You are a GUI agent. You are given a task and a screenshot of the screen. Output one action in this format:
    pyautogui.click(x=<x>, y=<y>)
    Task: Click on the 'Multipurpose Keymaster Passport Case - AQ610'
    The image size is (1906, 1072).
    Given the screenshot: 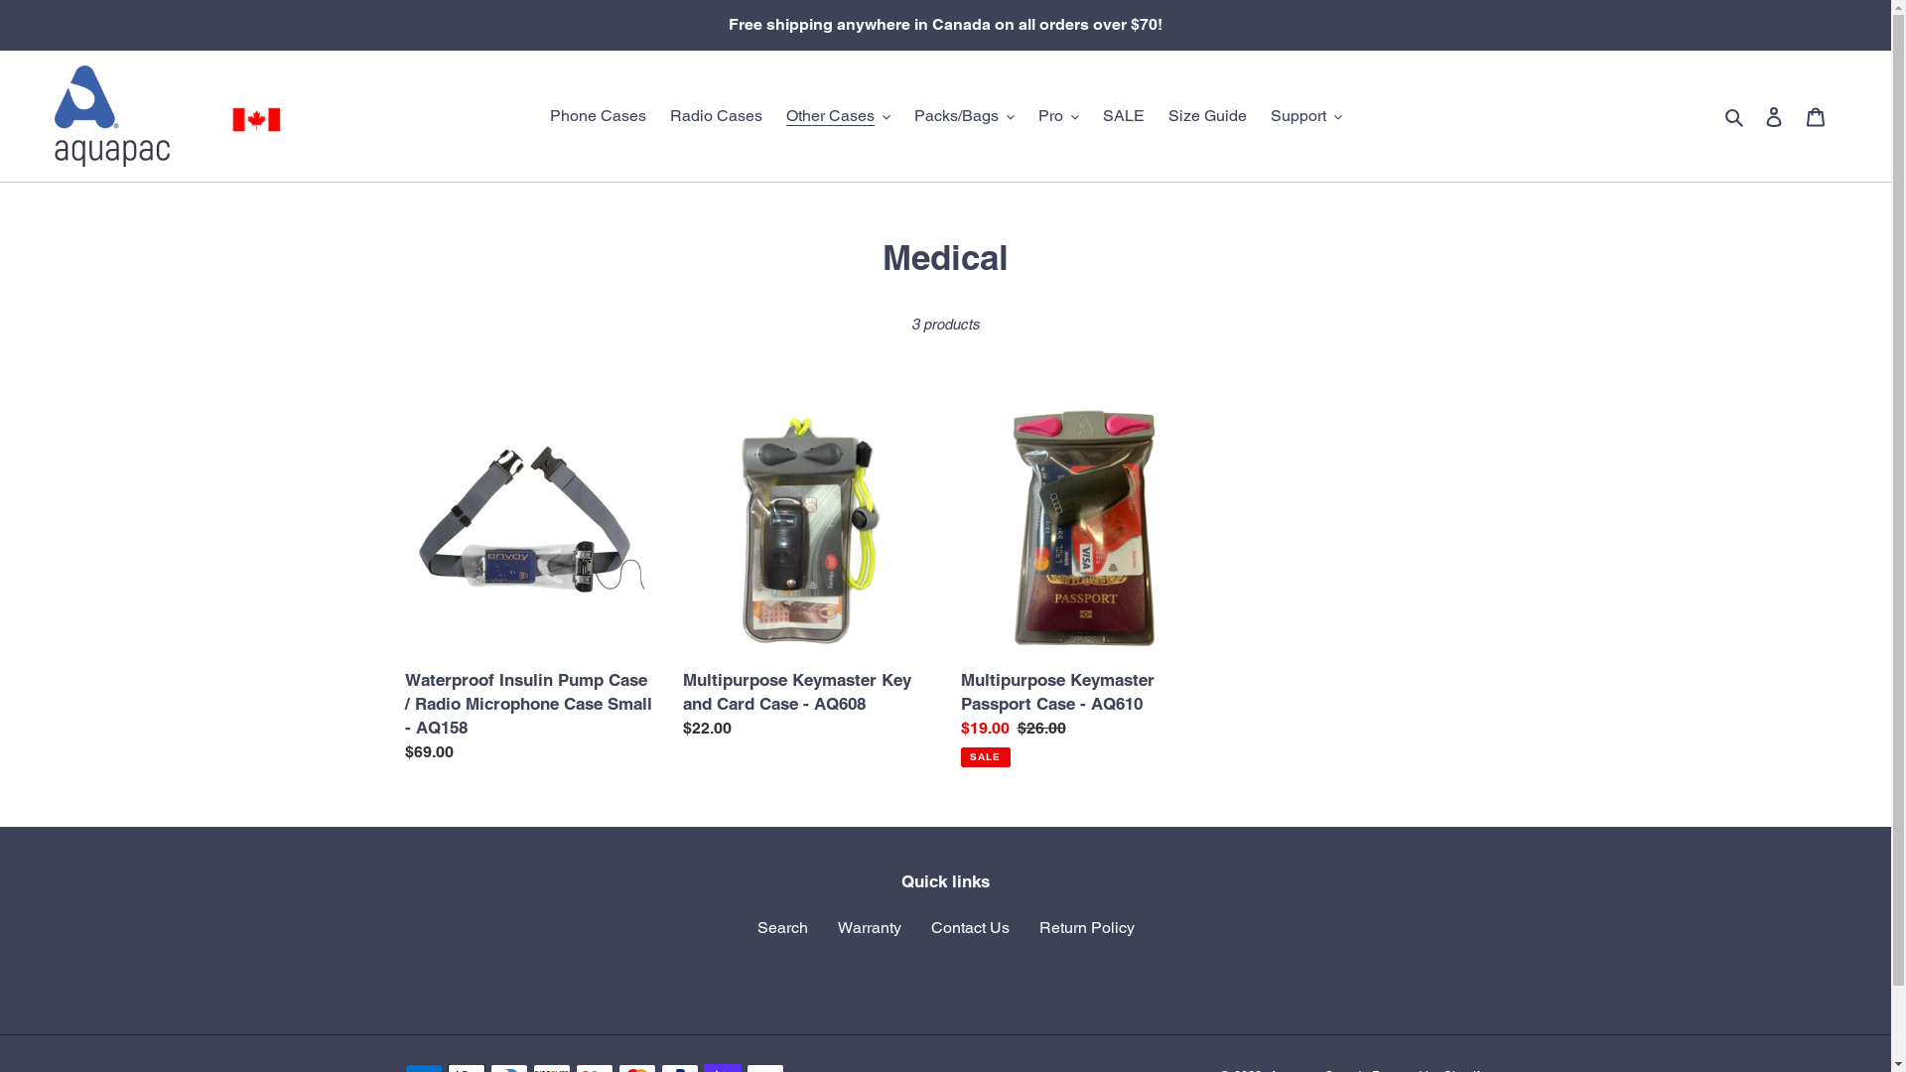 What is the action you would take?
    pyautogui.click(x=1084, y=586)
    